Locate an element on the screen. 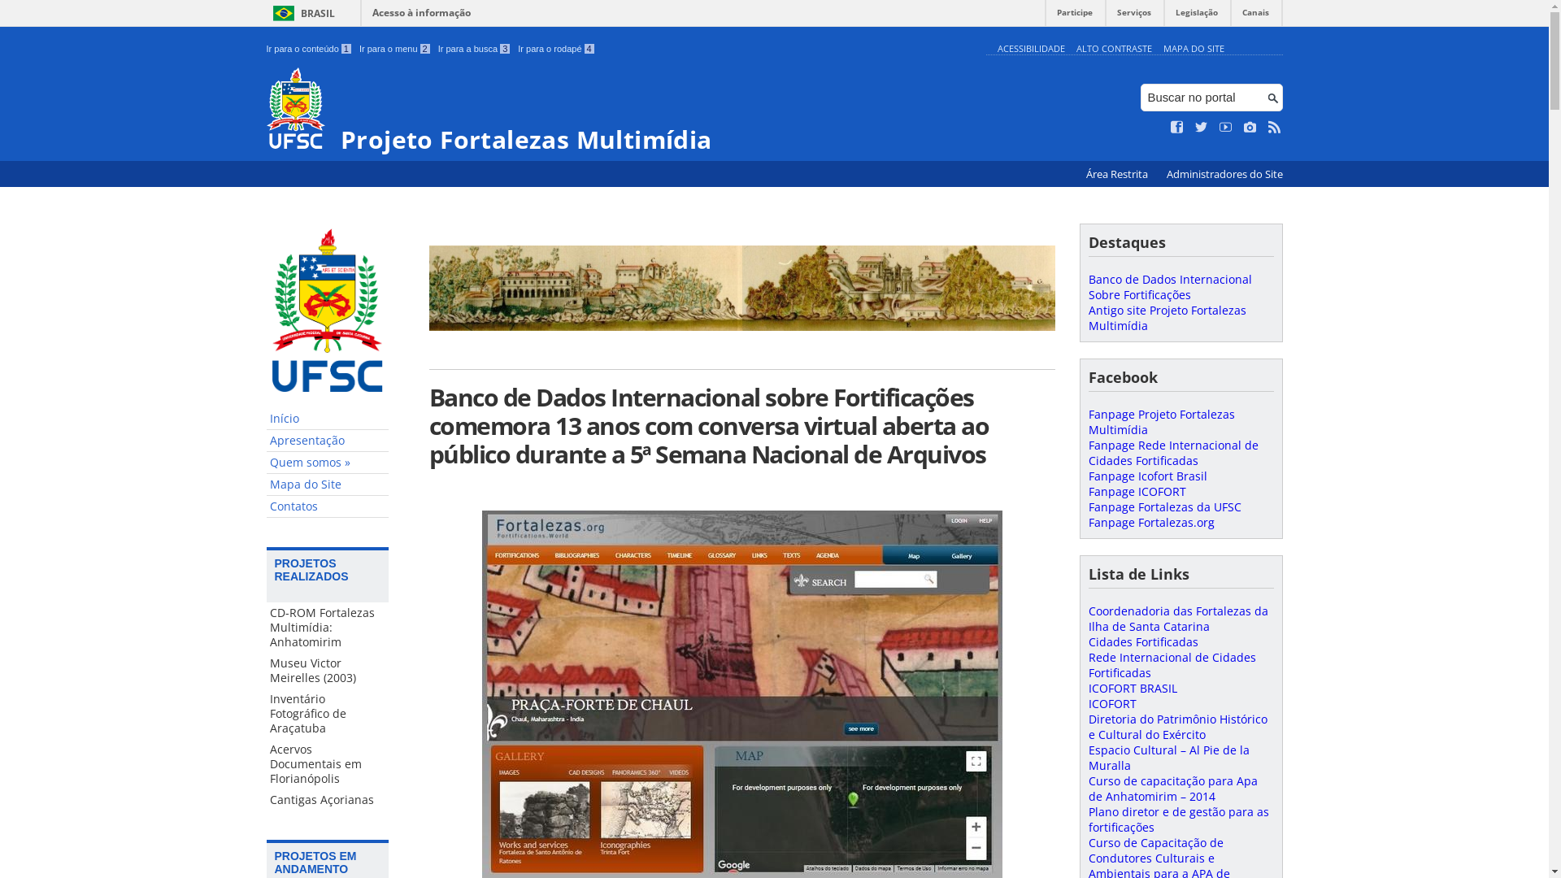 This screenshot has width=1561, height=878. 'Fanpage Fortalezas.org' is located at coordinates (1088, 522).